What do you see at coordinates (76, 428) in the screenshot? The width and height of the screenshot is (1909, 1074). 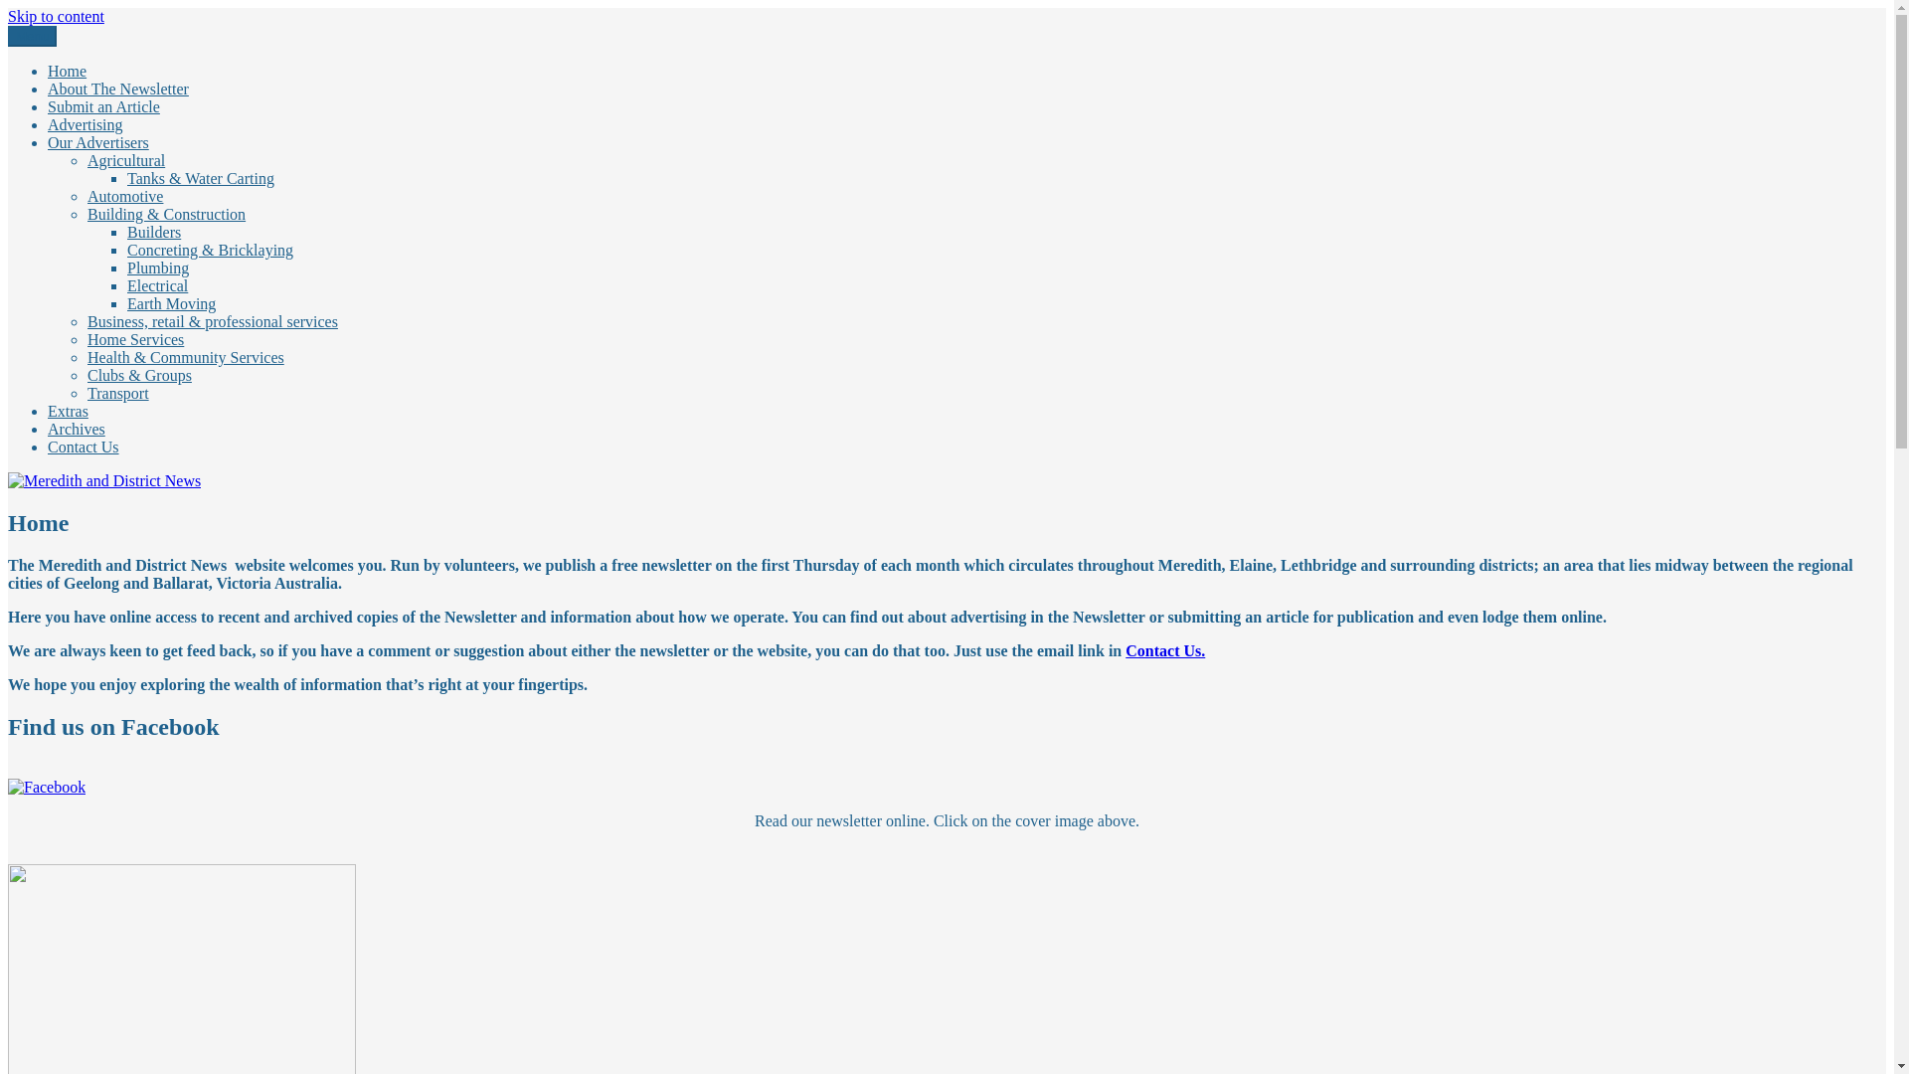 I see `'Archives'` at bounding box center [76, 428].